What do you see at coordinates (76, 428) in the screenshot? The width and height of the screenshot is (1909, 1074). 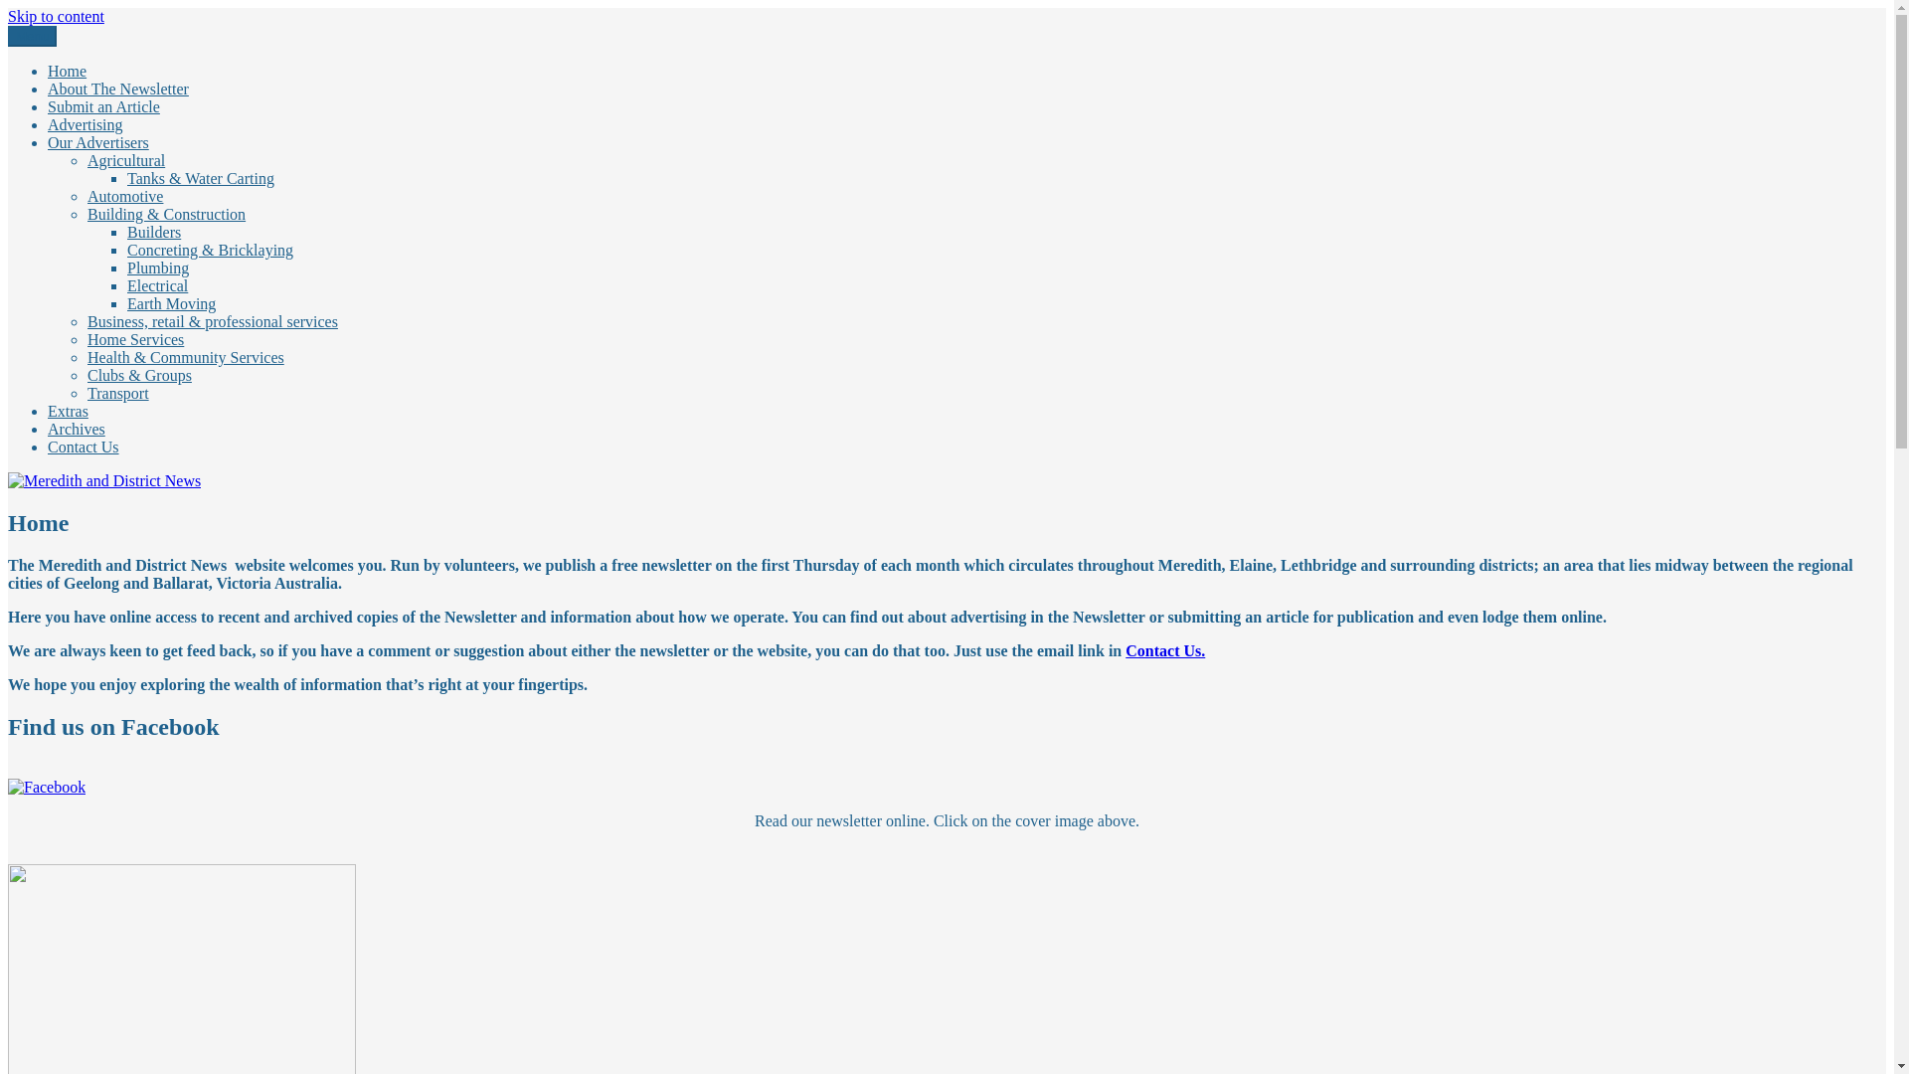 I see `'Archives'` at bounding box center [76, 428].